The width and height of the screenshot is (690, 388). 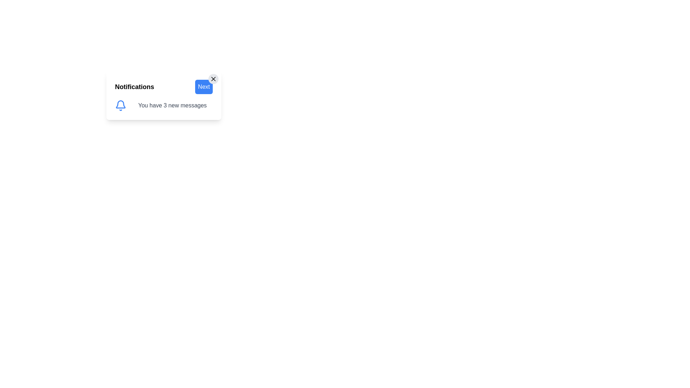 What do you see at coordinates (213, 79) in the screenshot?
I see `the 'X' icon close button located in the top-right corner of the notification card` at bounding box center [213, 79].